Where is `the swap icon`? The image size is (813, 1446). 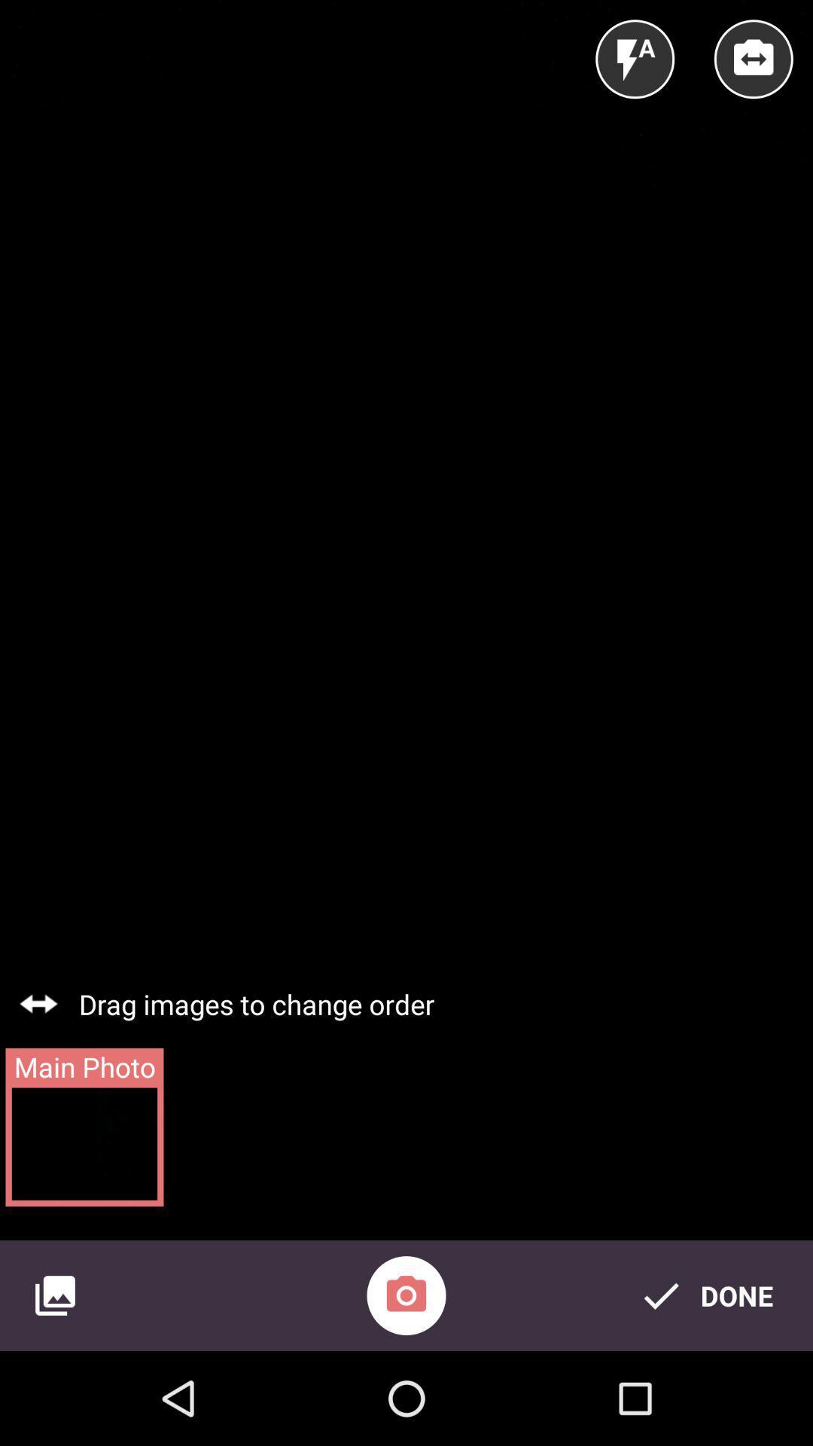
the swap icon is located at coordinates (754, 59).